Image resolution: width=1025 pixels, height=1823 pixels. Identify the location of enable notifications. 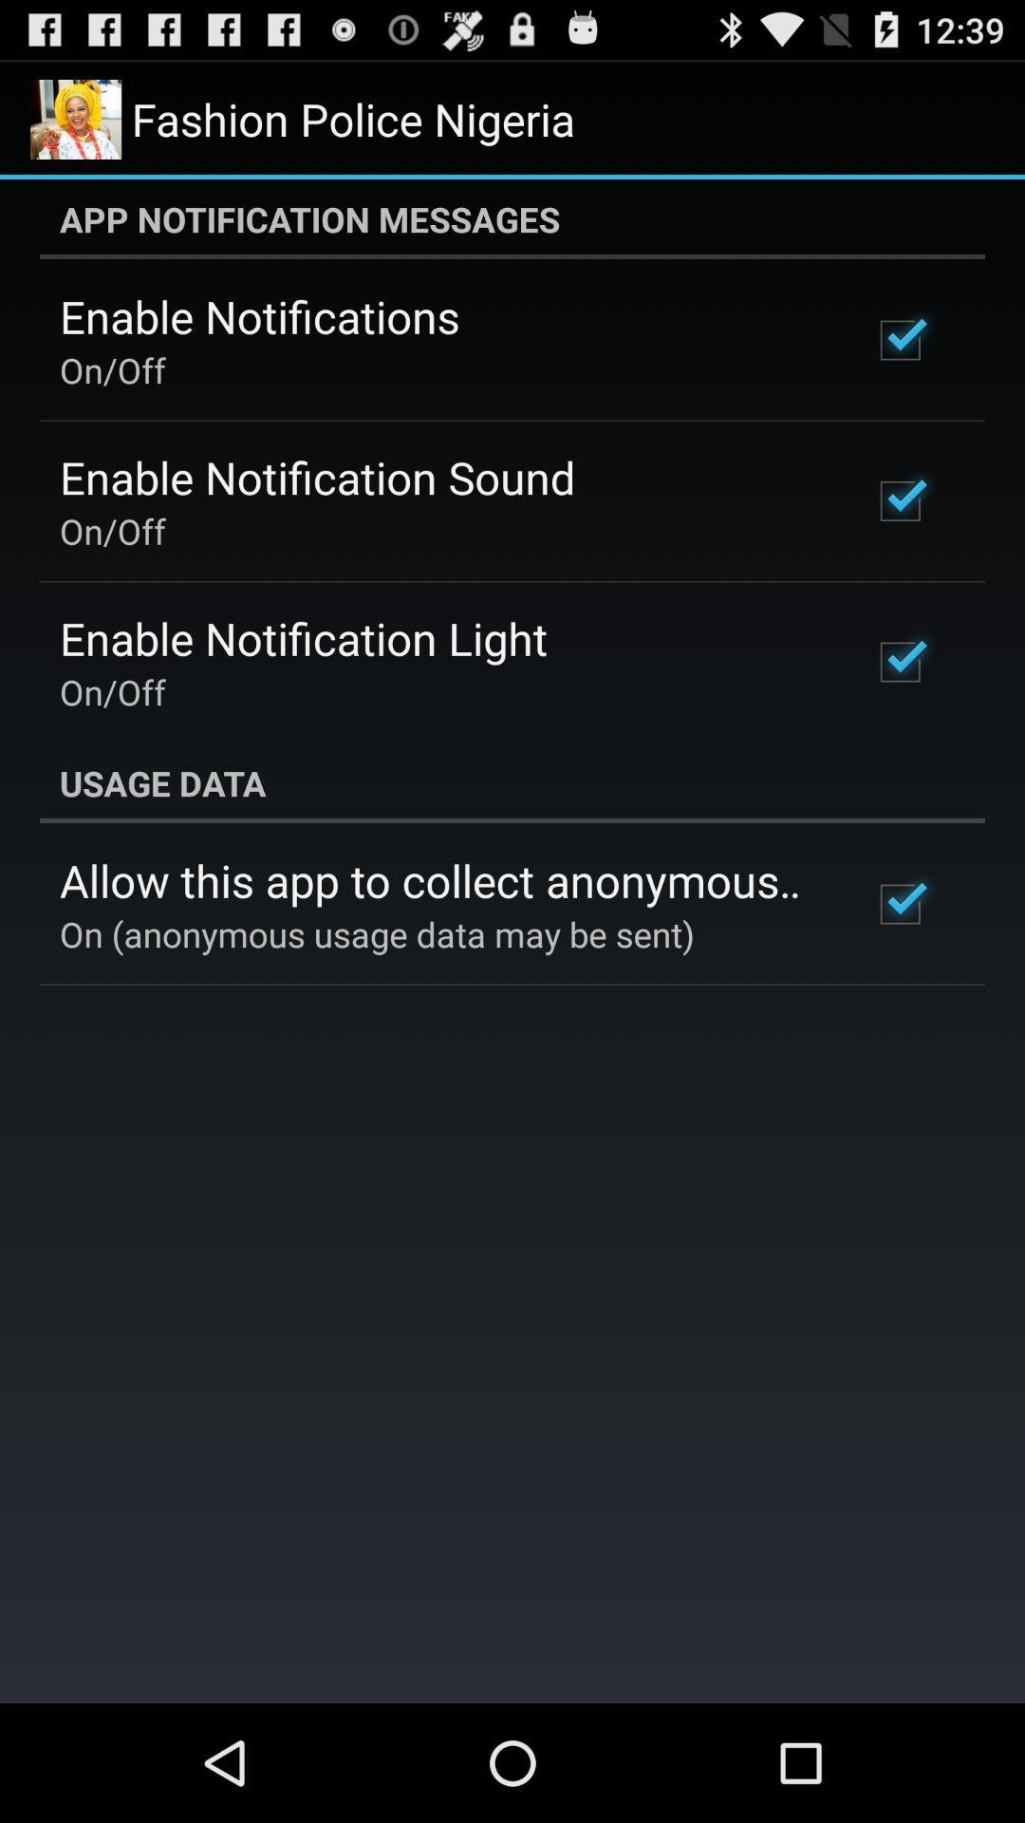
(259, 316).